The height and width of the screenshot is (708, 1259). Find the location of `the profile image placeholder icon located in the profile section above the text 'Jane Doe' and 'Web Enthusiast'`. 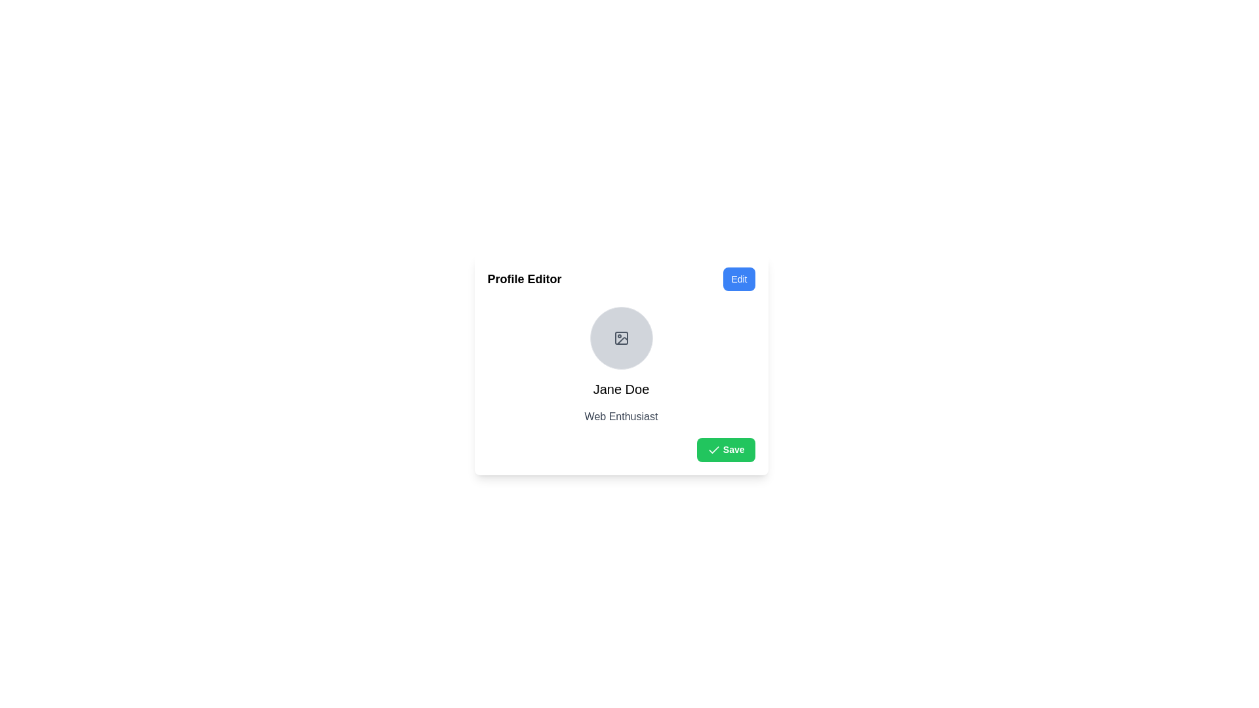

the profile image placeholder icon located in the profile section above the text 'Jane Doe' and 'Web Enthusiast' is located at coordinates (622, 340).